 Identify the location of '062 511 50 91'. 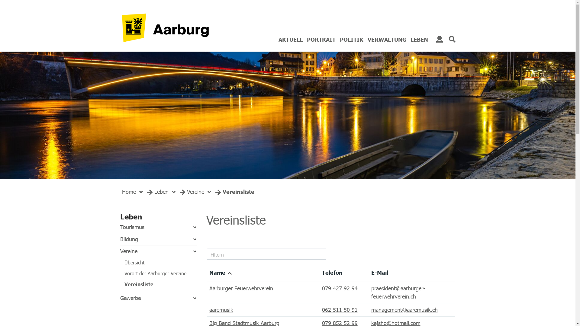
(340, 310).